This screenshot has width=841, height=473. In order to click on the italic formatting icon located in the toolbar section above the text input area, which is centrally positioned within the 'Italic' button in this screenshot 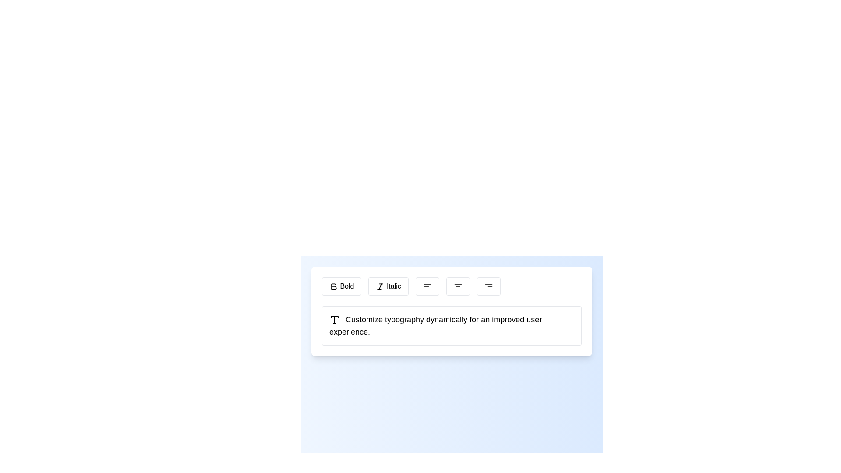, I will do `click(380, 286)`.